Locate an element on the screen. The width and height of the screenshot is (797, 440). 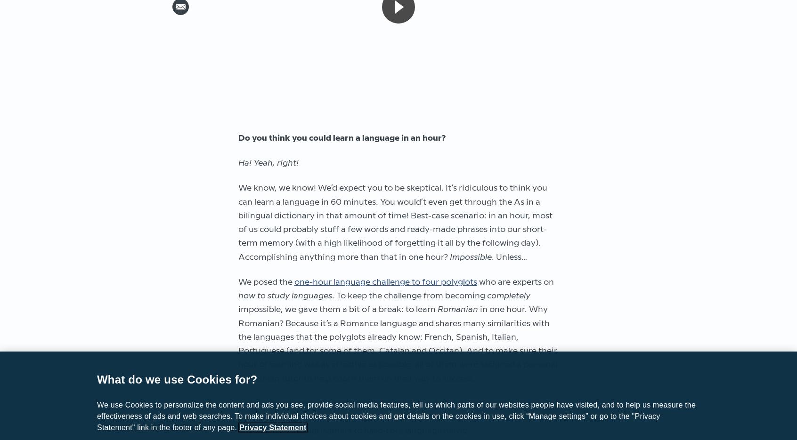
'Impossible' is located at coordinates (470, 256).